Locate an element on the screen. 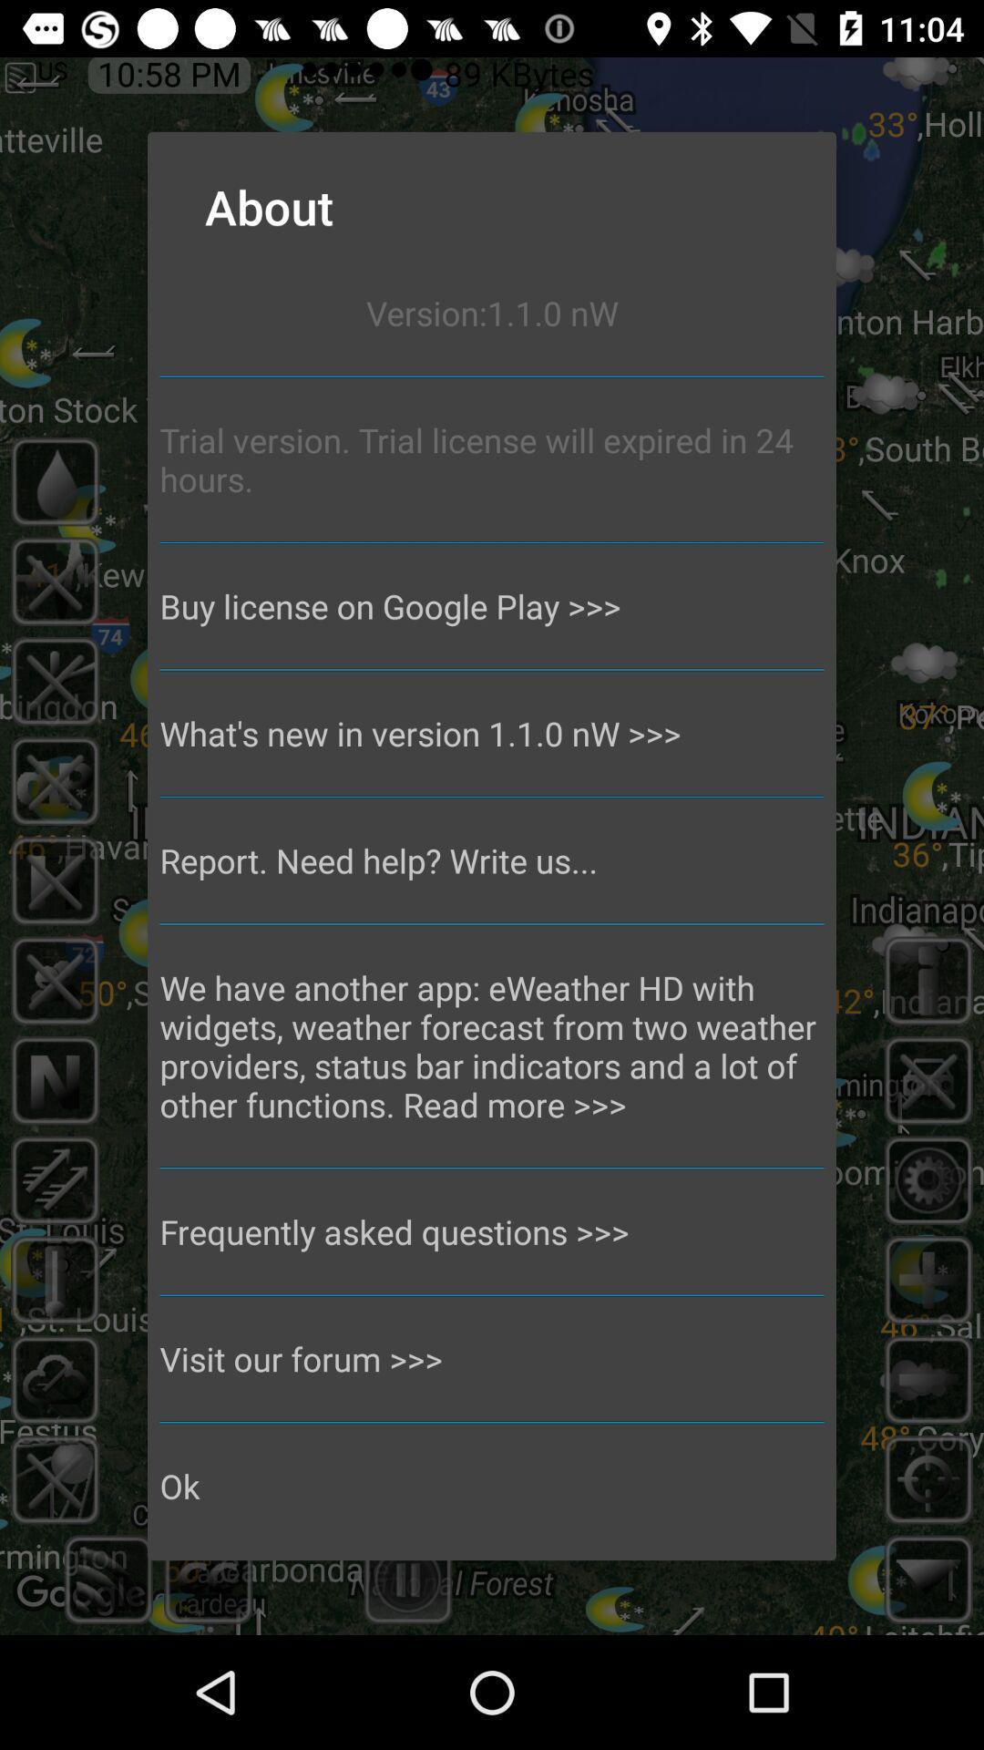 The height and width of the screenshot is (1750, 984). report need help is located at coordinates (492, 860).